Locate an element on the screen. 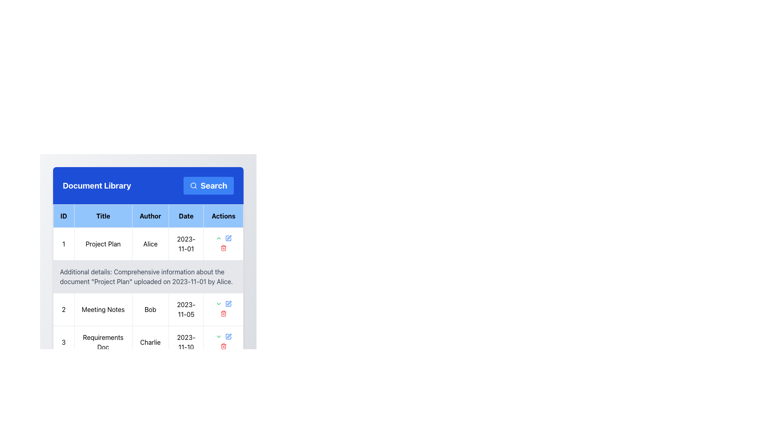 The width and height of the screenshot is (778, 437). the chevron-down icon in the 'Actions' column of the first row is located at coordinates (218, 304).